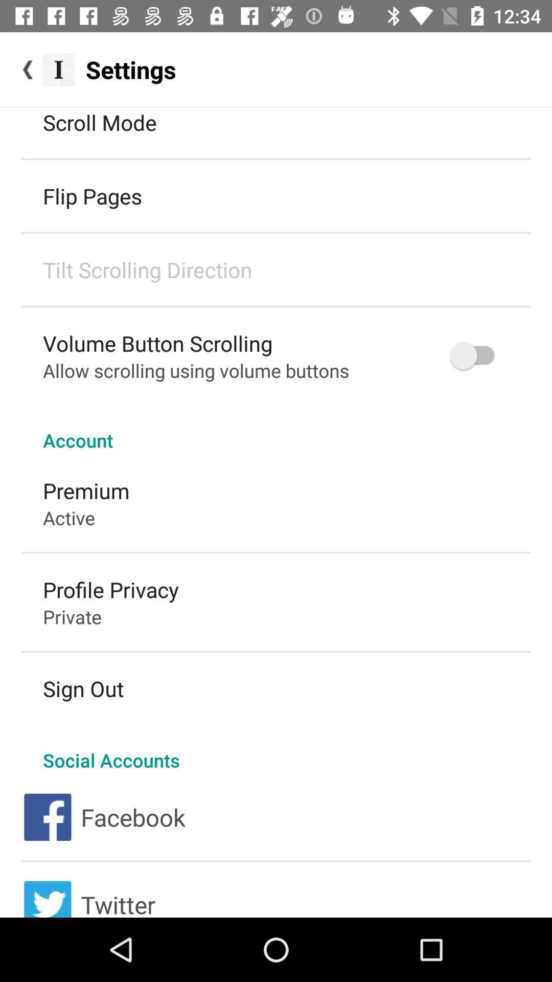  What do you see at coordinates (477, 355) in the screenshot?
I see `the icon on the right` at bounding box center [477, 355].